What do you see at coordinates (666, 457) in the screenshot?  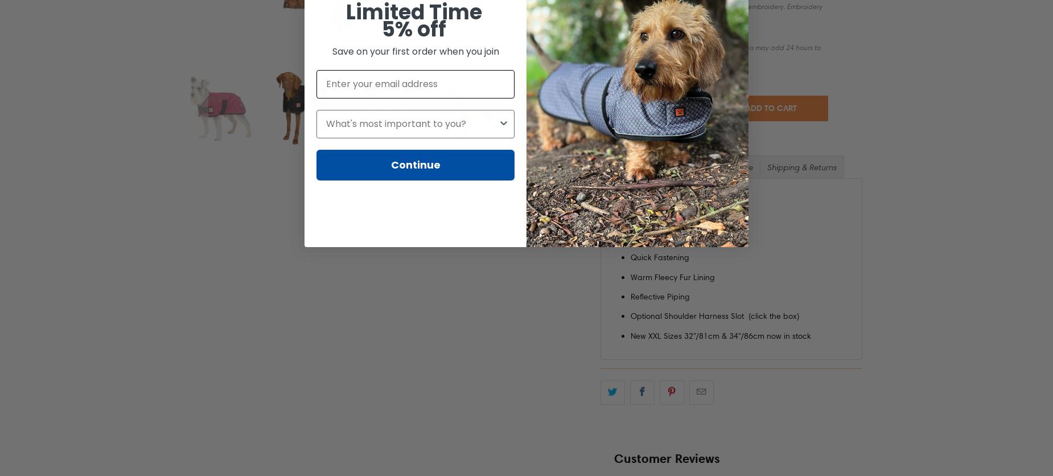 I see `'Customer Reviews'` at bounding box center [666, 457].